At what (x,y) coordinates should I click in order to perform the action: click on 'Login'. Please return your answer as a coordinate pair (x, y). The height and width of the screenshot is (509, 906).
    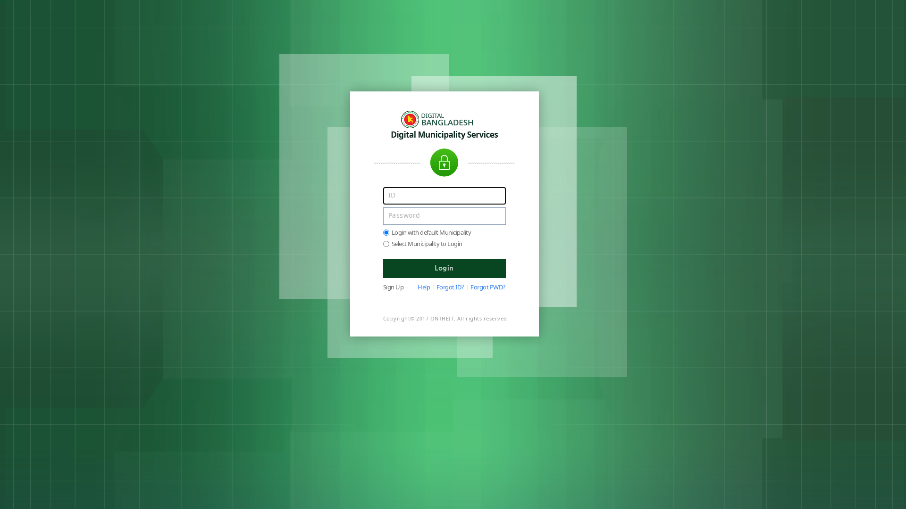
    Looking at the image, I should click on (444, 269).